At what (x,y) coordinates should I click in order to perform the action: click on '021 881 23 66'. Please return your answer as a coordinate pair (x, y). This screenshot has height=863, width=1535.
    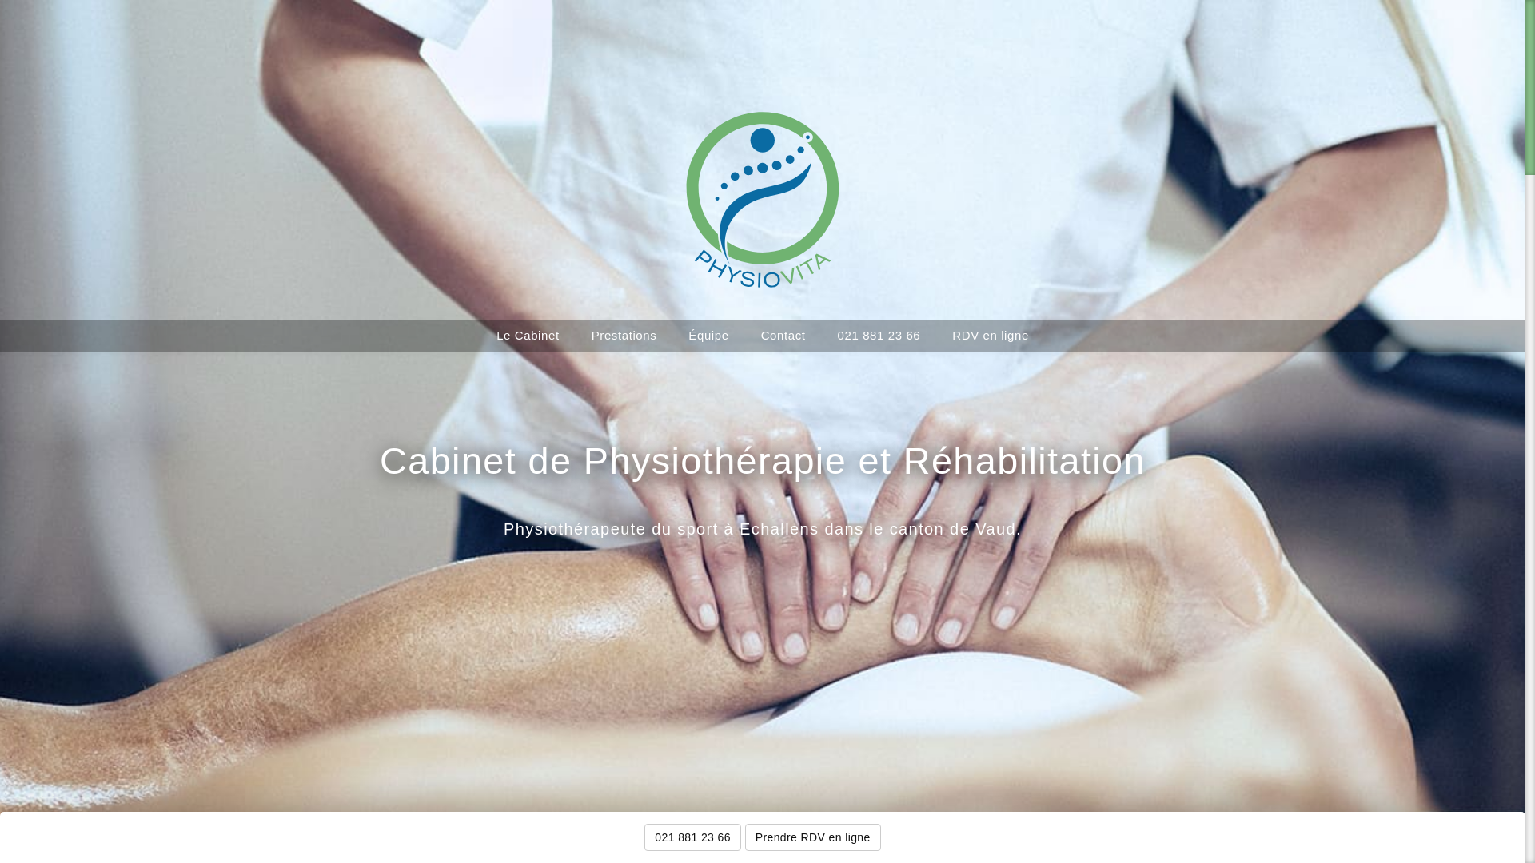
    Looking at the image, I should click on (644, 837).